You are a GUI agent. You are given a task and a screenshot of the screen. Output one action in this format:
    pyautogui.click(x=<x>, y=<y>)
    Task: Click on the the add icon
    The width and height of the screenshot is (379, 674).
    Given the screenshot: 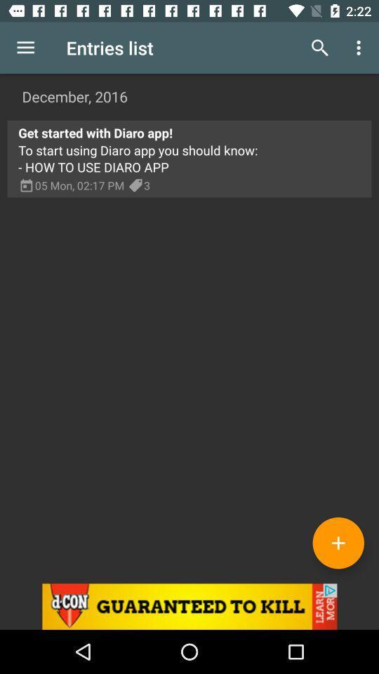 What is the action you would take?
    pyautogui.click(x=338, y=542)
    